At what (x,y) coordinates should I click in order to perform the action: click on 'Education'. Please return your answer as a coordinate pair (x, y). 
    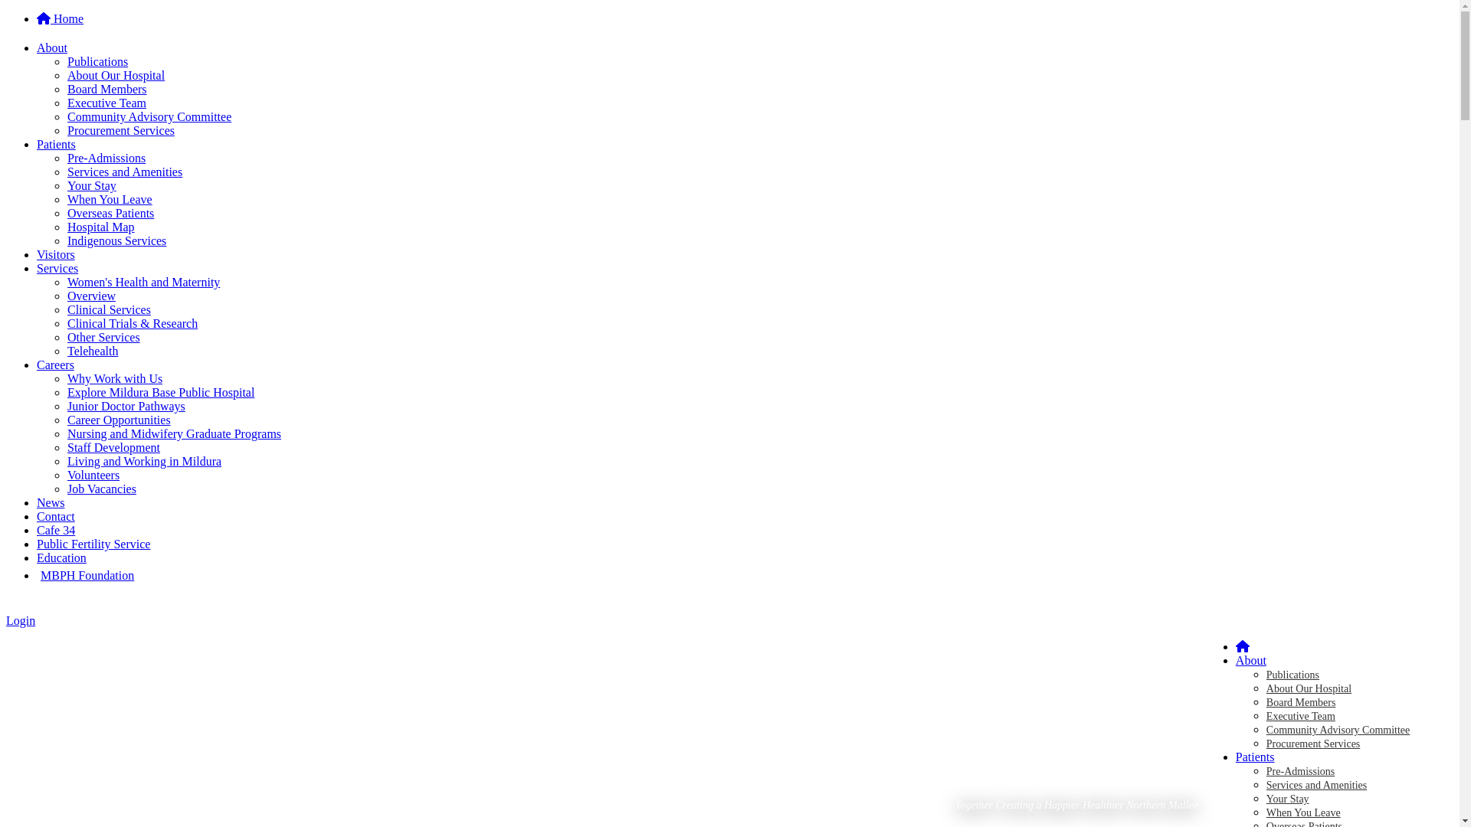
    Looking at the image, I should click on (61, 557).